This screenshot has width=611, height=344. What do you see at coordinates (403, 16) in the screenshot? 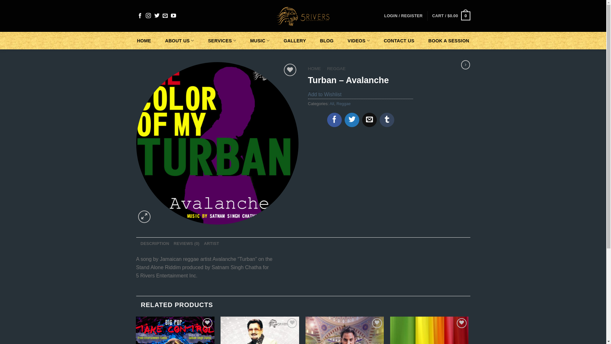
I see `'LOGIN / REGISTER'` at bounding box center [403, 16].